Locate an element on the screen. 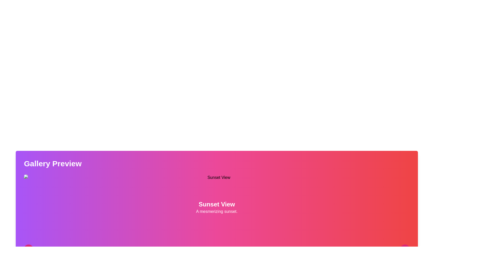 The width and height of the screenshot is (495, 278). the rightward-pointing SVG Chevron Icon located at the bottom-right corner of the visible card is located at coordinates (405, 249).